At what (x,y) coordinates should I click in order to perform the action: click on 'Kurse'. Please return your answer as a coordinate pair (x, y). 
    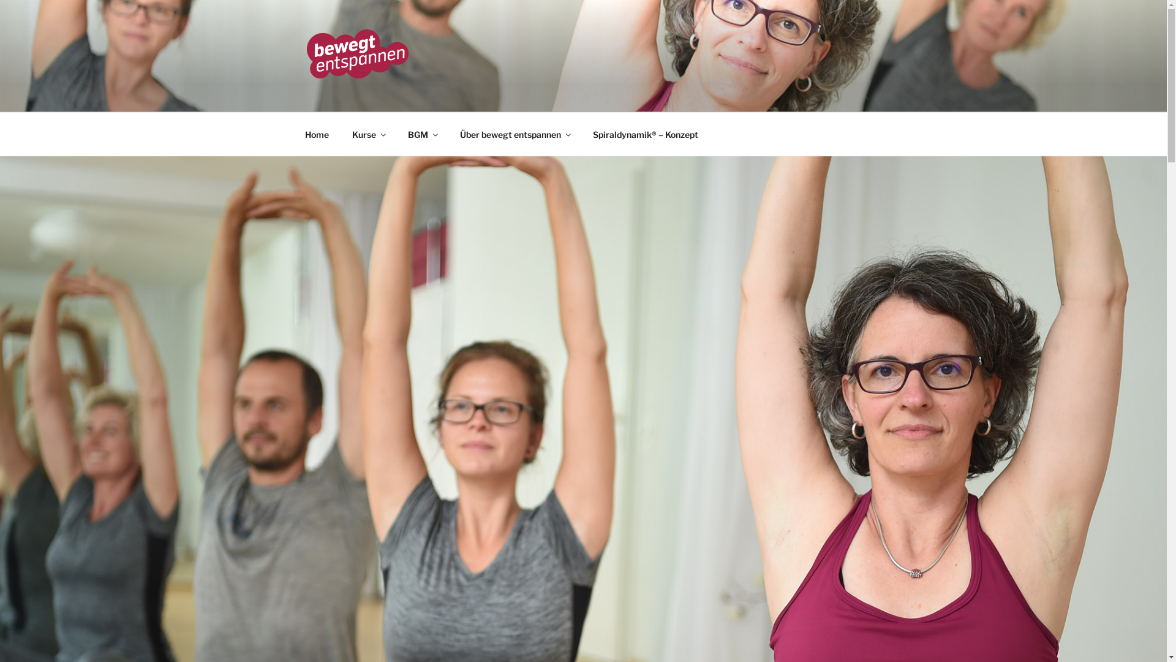
    Looking at the image, I should click on (341, 134).